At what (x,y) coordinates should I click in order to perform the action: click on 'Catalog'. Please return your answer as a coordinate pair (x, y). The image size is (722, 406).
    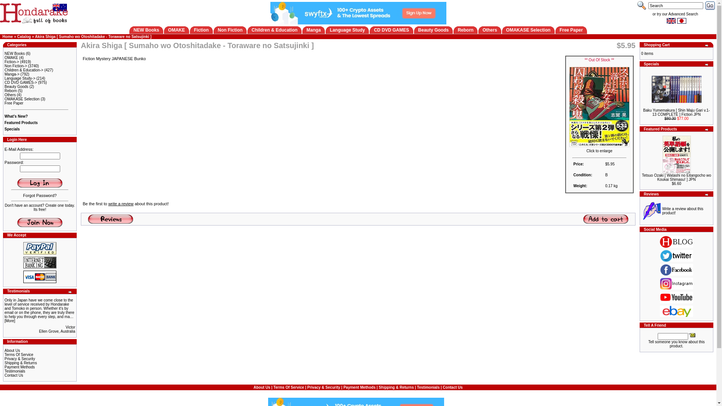
    Looking at the image, I should click on (24, 36).